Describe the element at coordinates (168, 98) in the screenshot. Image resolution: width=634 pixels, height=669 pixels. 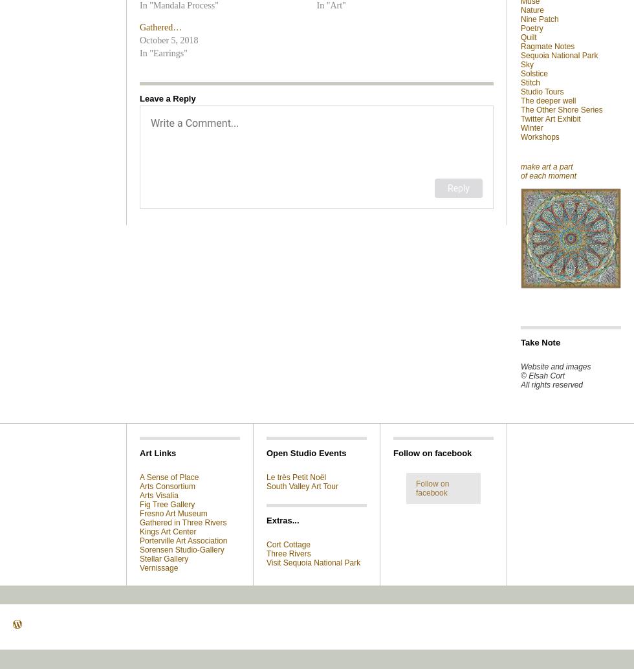
I see `'Leave a Reply'` at that location.